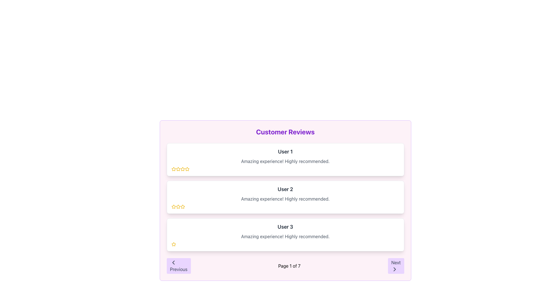  Describe the element at coordinates (285, 266) in the screenshot. I see `central text 'Page 1 of 7' from the Pagination control located at the bottom of the 'Customer Reviews' section` at that location.